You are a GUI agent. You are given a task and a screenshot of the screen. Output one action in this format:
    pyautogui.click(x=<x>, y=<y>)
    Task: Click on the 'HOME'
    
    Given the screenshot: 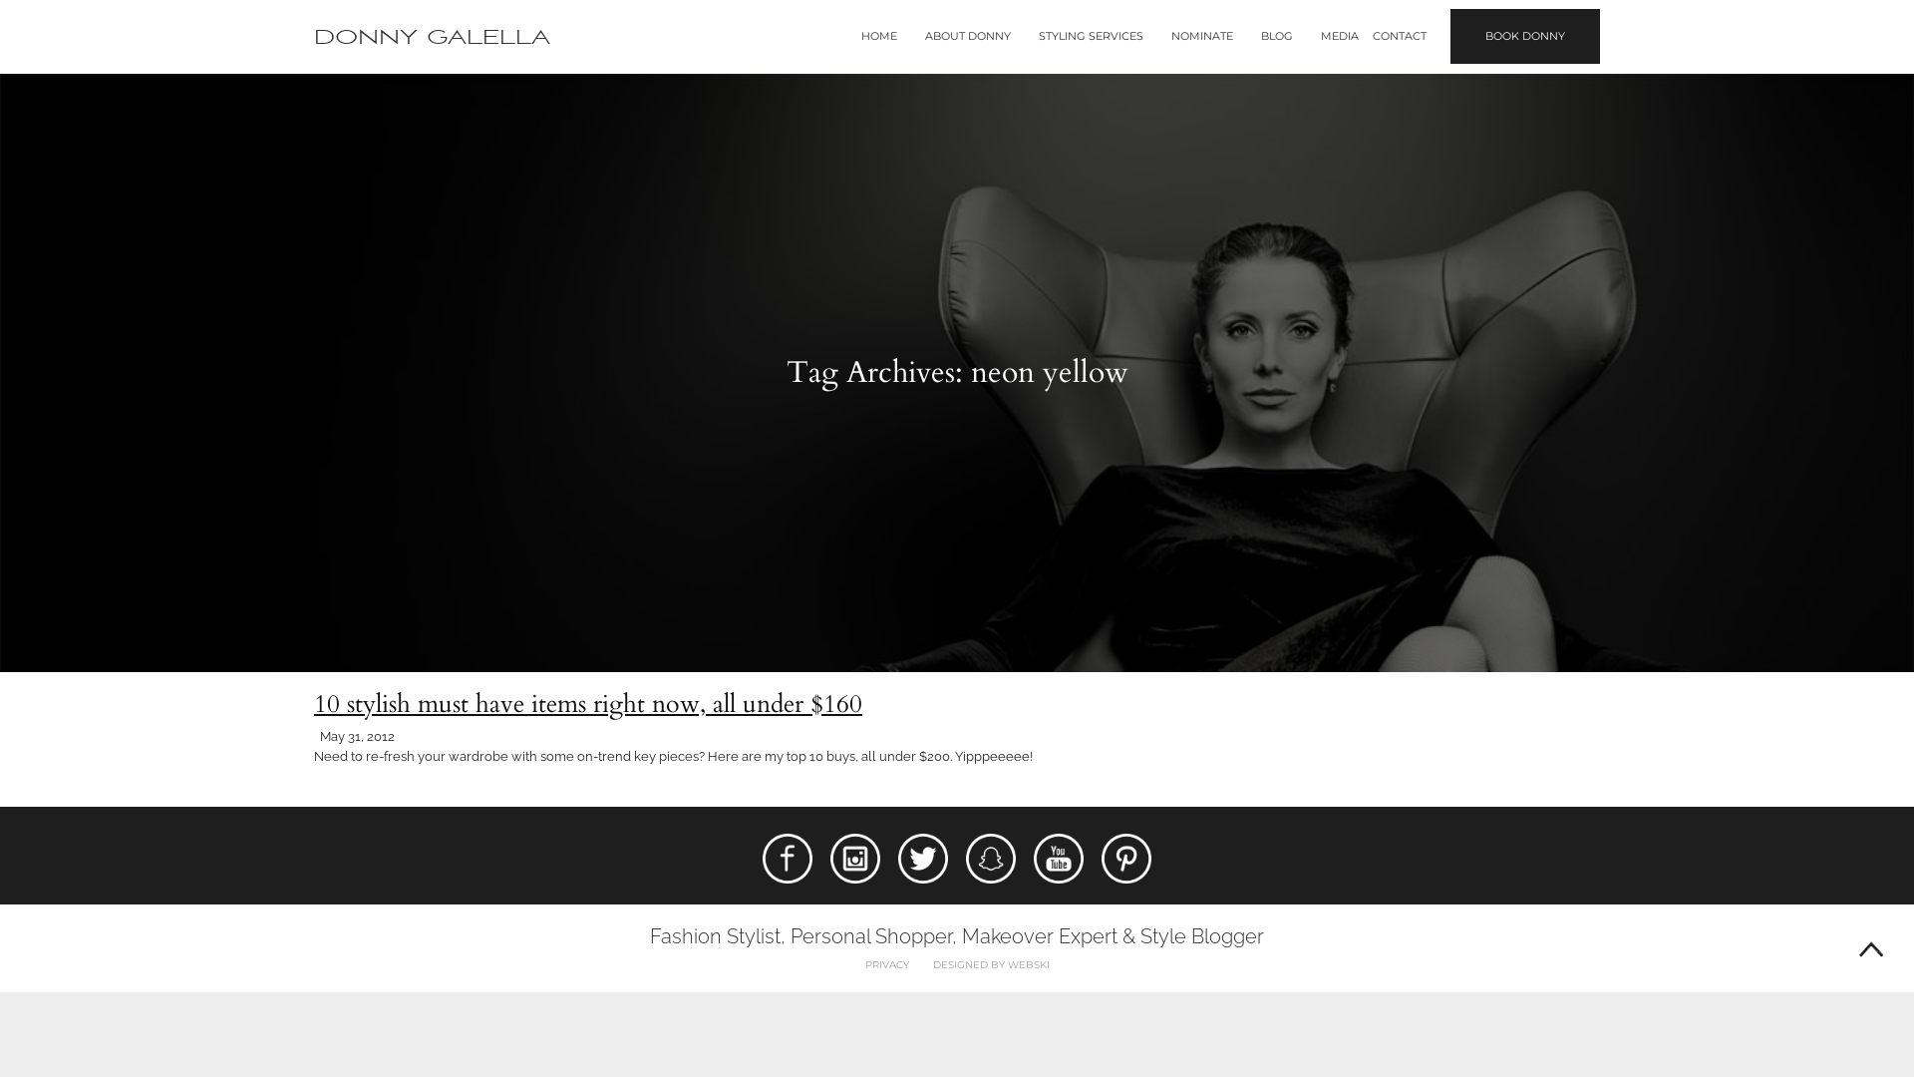 What is the action you would take?
    pyautogui.click(x=861, y=36)
    